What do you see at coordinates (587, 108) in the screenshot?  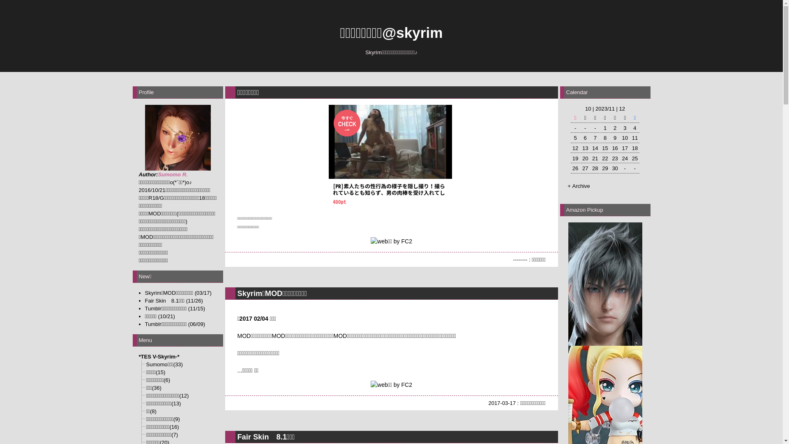 I see `'10'` at bounding box center [587, 108].